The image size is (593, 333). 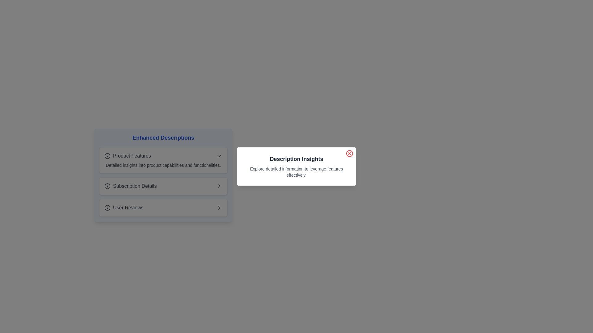 What do you see at coordinates (163, 208) in the screenshot?
I see `the 'User Reviews' button located below the 'Subscription Details' section and above no other sections in the 'Enhanced Descriptions' group` at bounding box center [163, 208].